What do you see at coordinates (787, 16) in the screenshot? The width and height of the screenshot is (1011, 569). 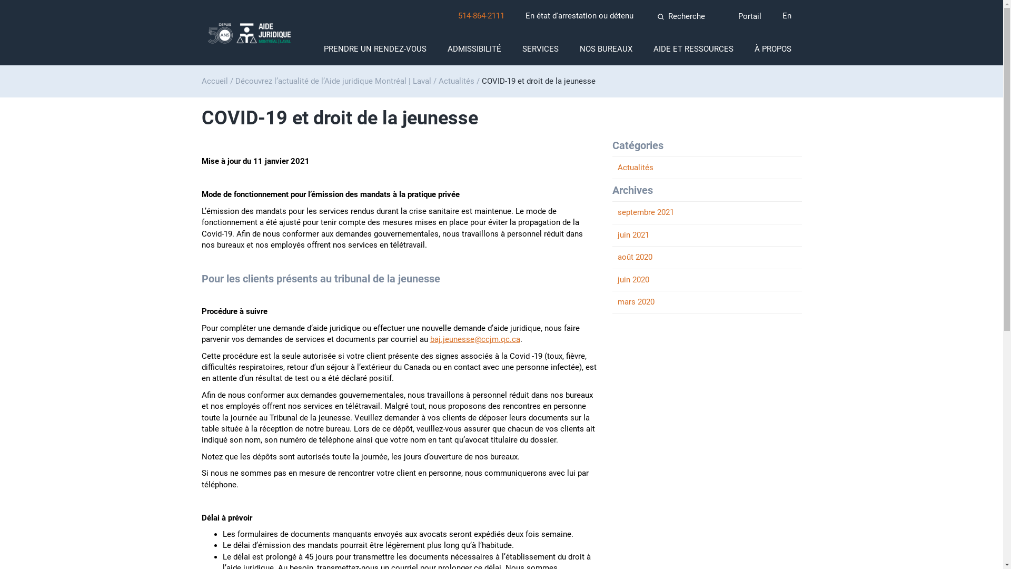 I see `'En'` at bounding box center [787, 16].